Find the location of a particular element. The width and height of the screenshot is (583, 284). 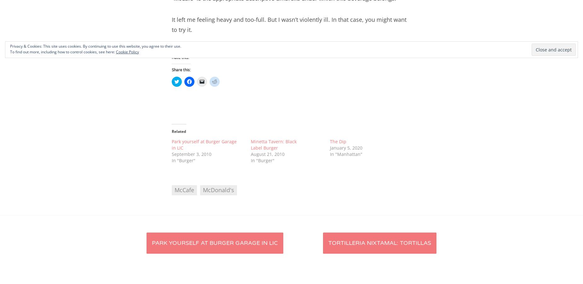

'McDonald's' is located at coordinates (203, 190).